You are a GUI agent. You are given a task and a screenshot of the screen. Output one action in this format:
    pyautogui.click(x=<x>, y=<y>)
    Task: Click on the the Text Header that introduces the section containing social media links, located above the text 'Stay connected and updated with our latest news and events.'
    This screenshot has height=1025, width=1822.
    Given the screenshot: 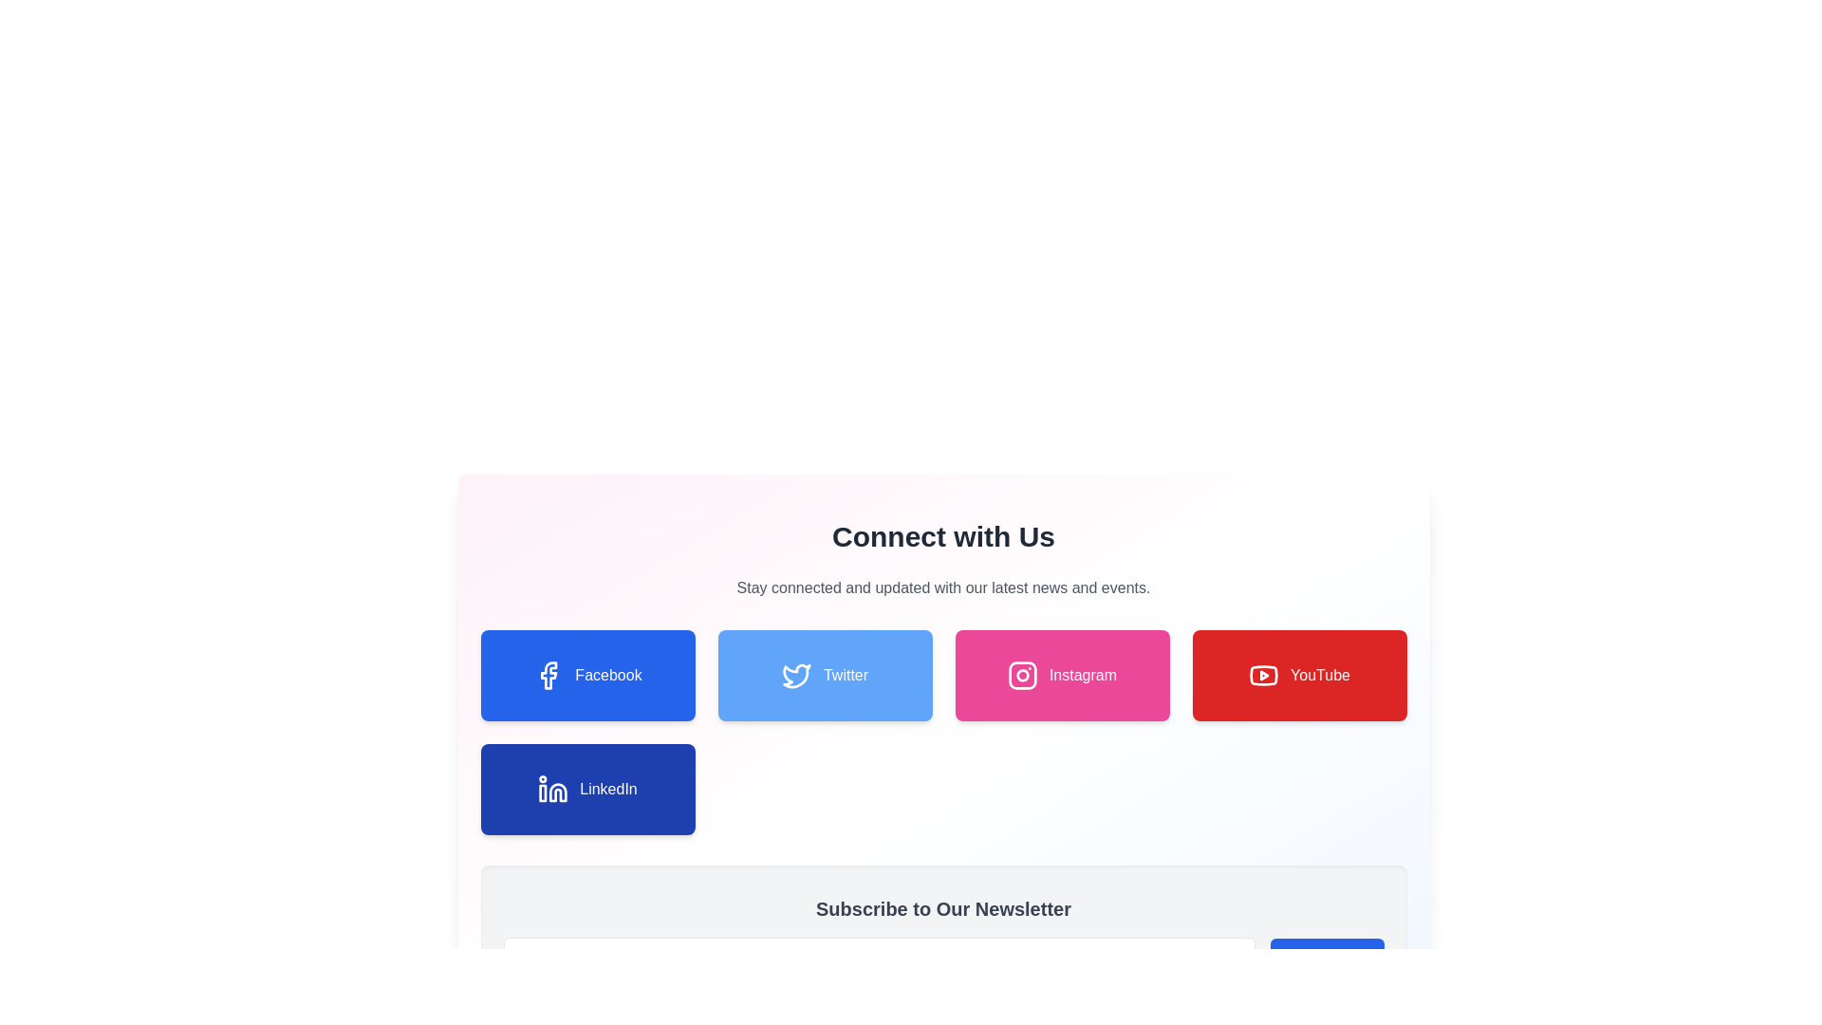 What is the action you would take?
    pyautogui.click(x=943, y=537)
    